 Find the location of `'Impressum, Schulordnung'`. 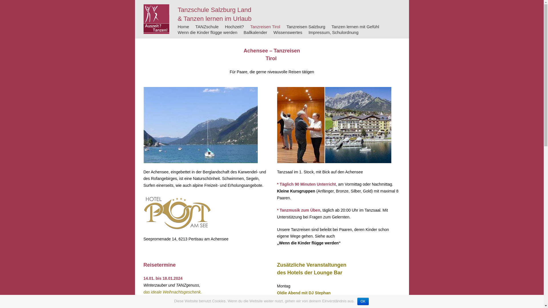

'Impressum, Schulordnung' is located at coordinates (333, 33).